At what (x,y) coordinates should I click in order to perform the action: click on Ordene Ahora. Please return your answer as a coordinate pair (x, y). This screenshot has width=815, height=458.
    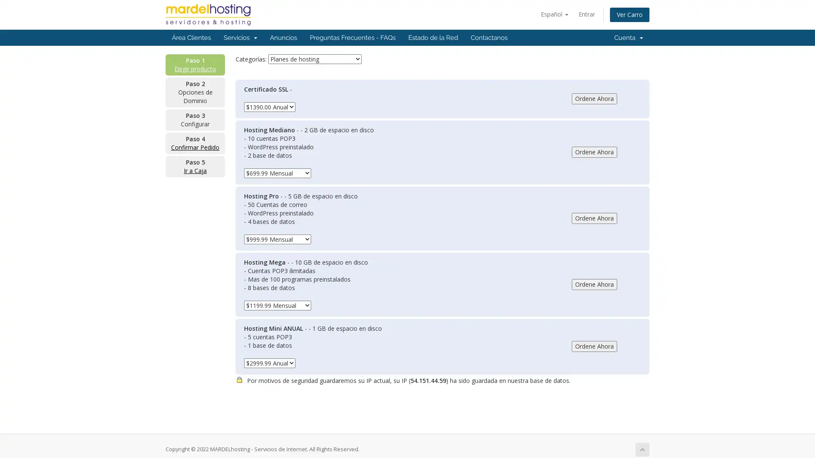
    Looking at the image, I should click on (594, 284).